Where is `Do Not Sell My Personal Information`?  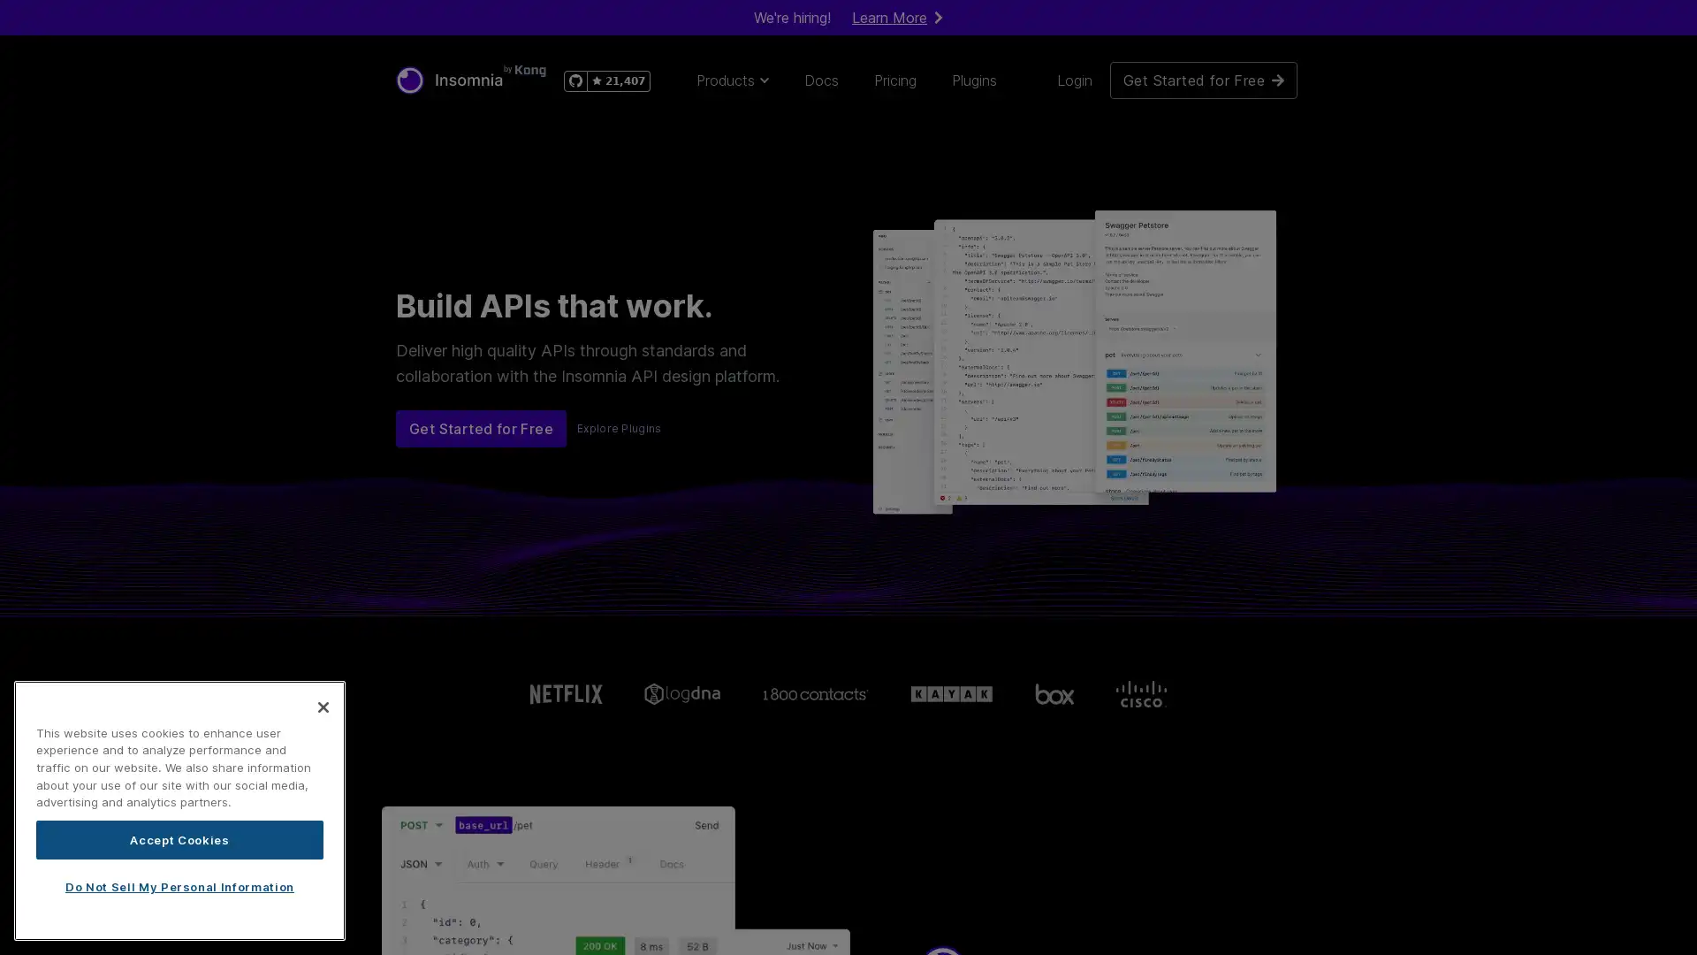
Do Not Sell My Personal Information is located at coordinates (179, 886).